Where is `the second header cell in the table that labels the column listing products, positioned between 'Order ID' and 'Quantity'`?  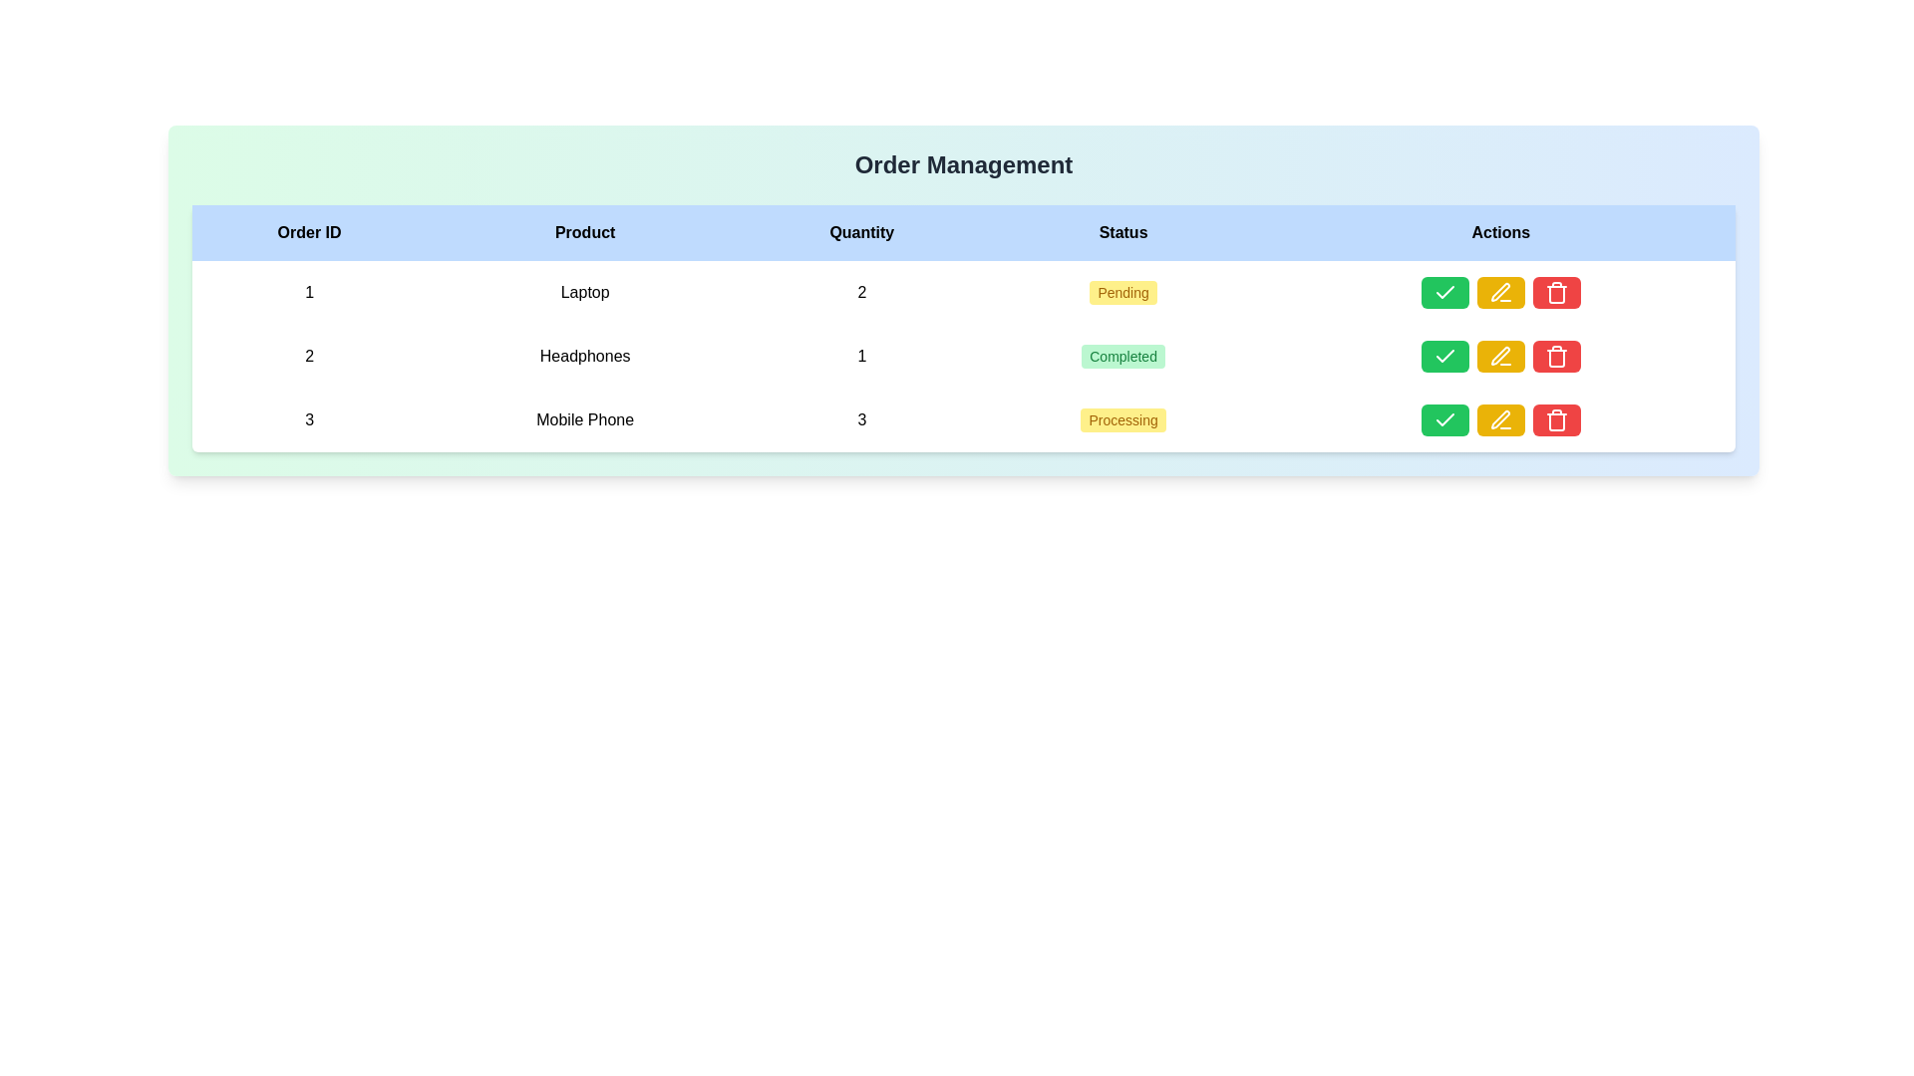
the second header cell in the table that labels the column listing products, positioned between 'Order ID' and 'Quantity' is located at coordinates (584, 232).